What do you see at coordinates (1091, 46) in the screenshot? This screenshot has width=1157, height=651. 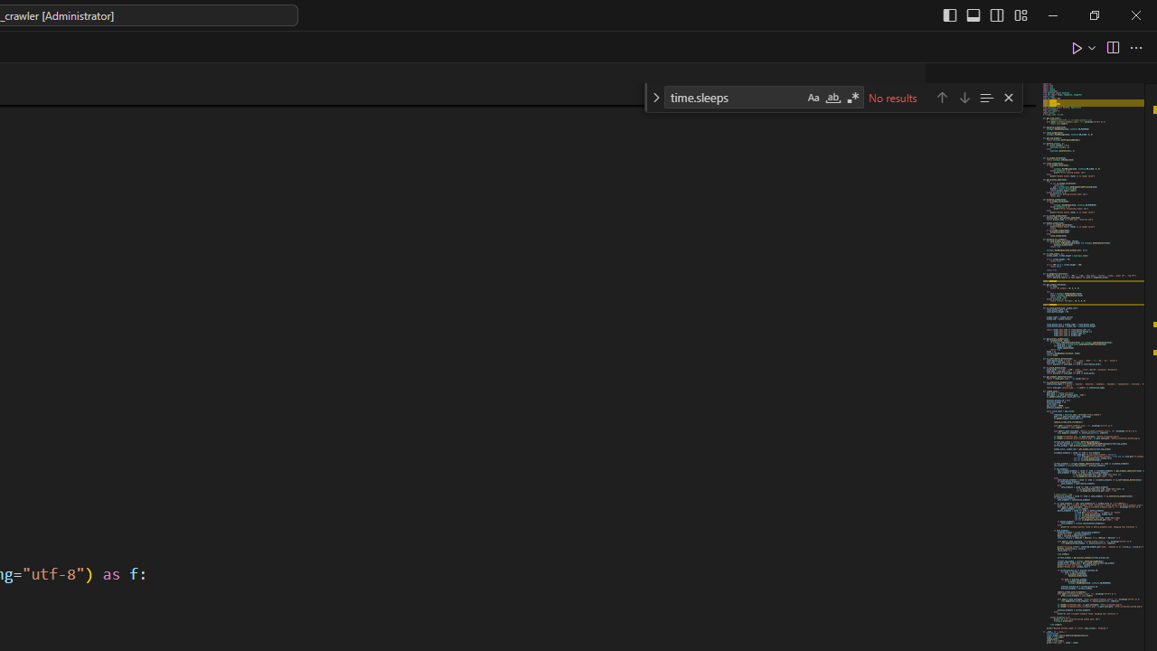 I see `'Run or Debug...'` at bounding box center [1091, 46].